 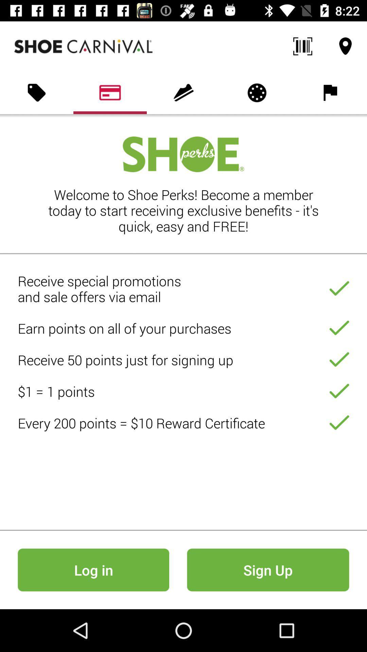 I want to click on the icon next to log in, so click(x=268, y=570).